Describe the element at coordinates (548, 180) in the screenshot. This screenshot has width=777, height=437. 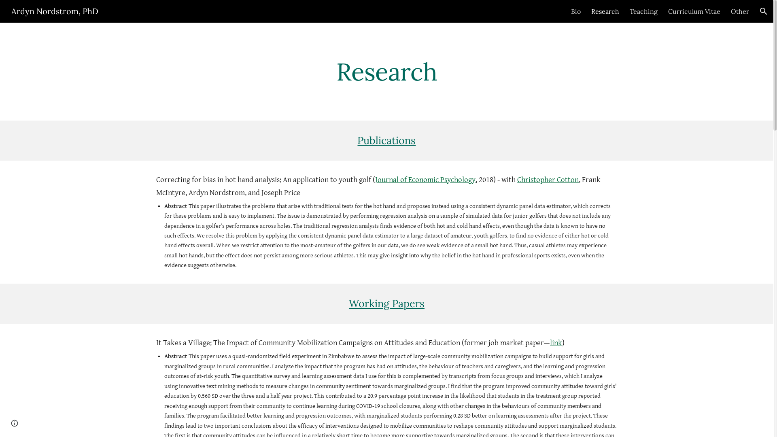
I see `'Christopher Cotton'` at that location.